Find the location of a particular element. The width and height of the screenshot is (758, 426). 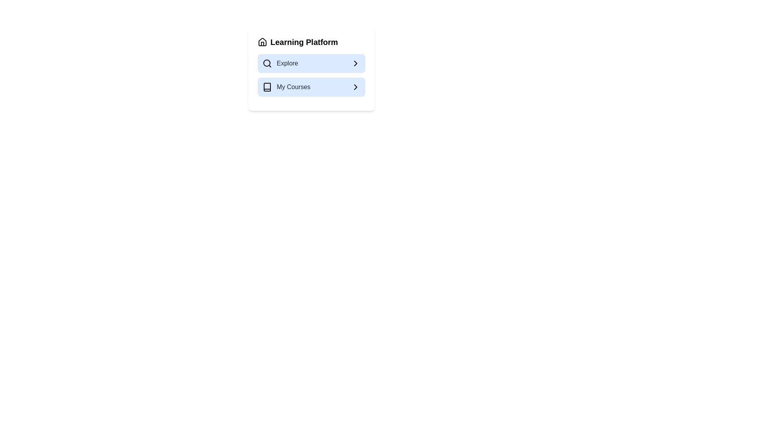

the 'My Courses' button located below the 'Explore' button in the 'Learning Platform' card is located at coordinates (311, 87).